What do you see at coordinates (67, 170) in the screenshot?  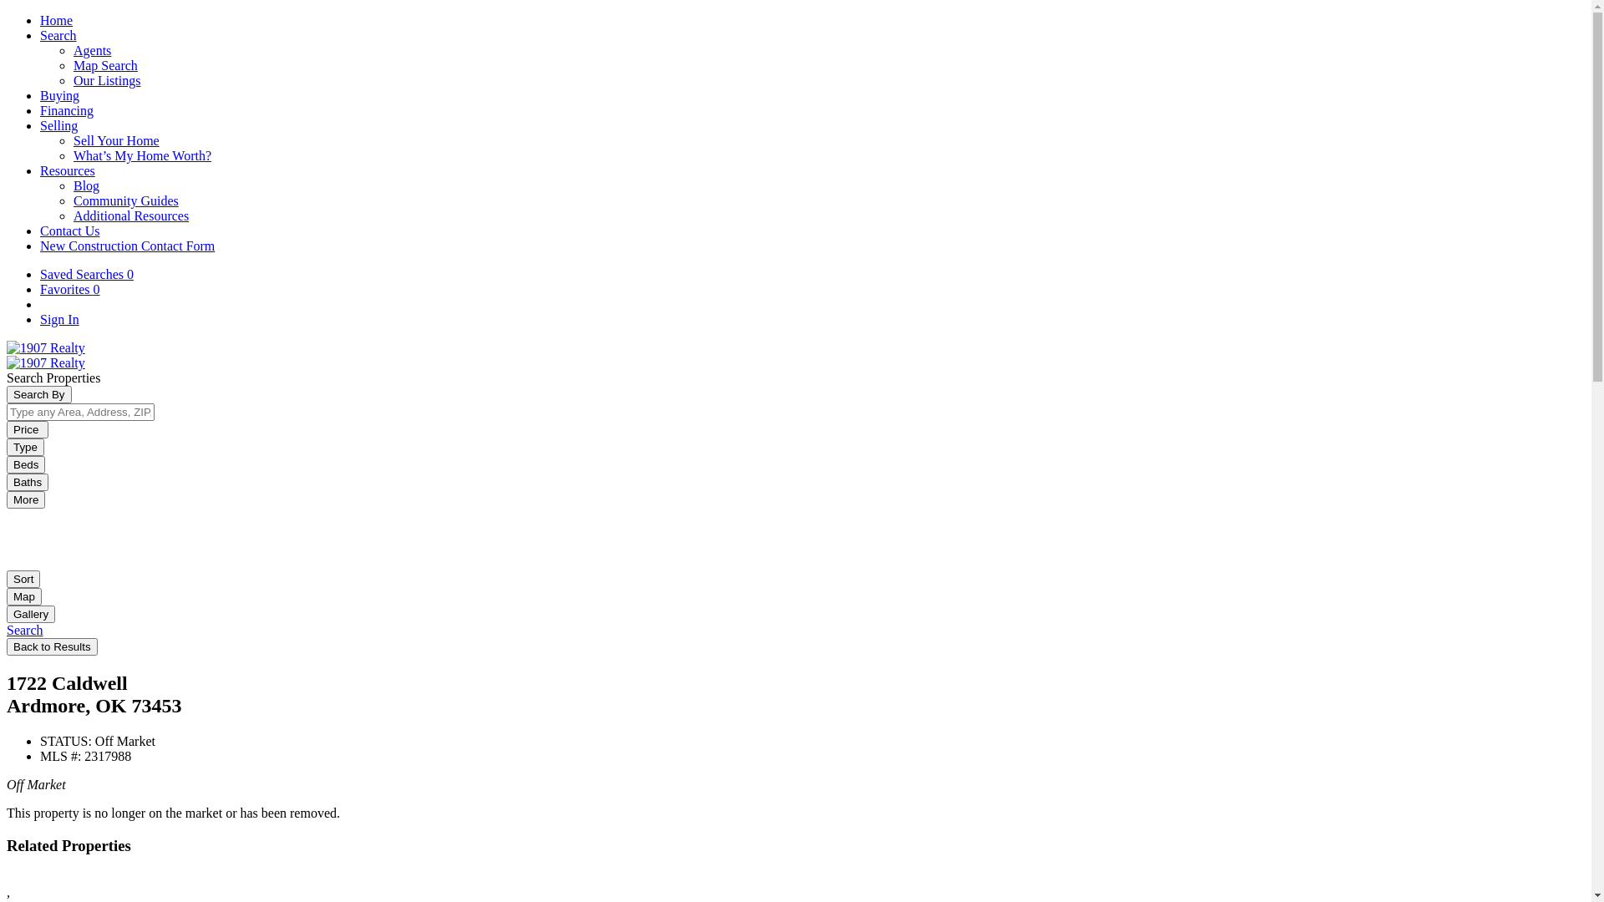 I see `'Resources'` at bounding box center [67, 170].